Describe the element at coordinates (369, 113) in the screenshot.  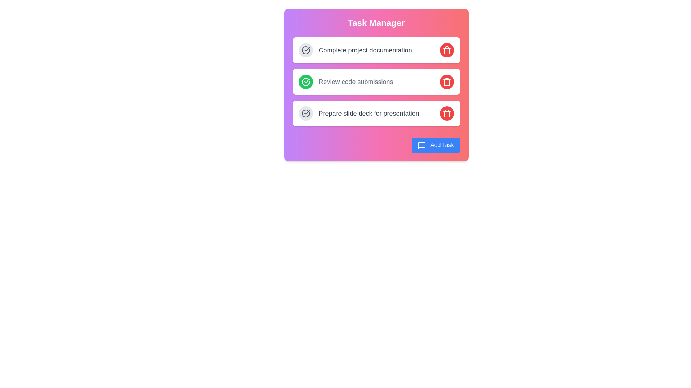
I see `the static text label that reads 'Prepare slide deck for presentation', which is styled in bold, medium-sized gray font and positioned centrally within the task list component` at that location.